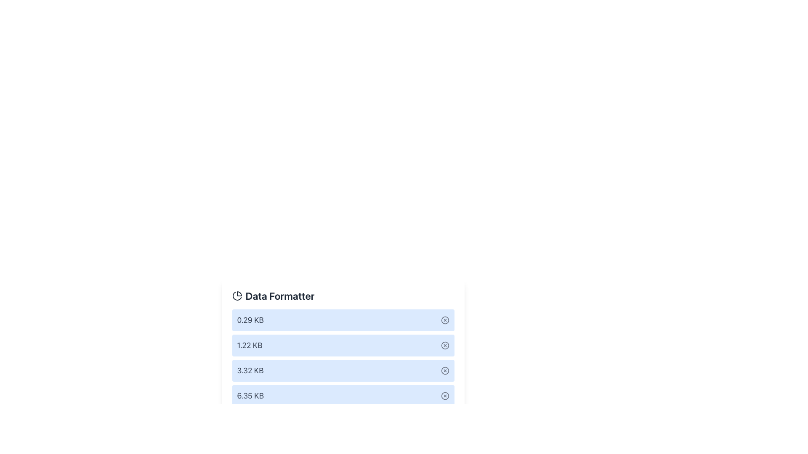  What do you see at coordinates (444, 345) in the screenshot?
I see `the circular icon component of the SVG located on the right side of the third row of the data listing UI segment` at bounding box center [444, 345].